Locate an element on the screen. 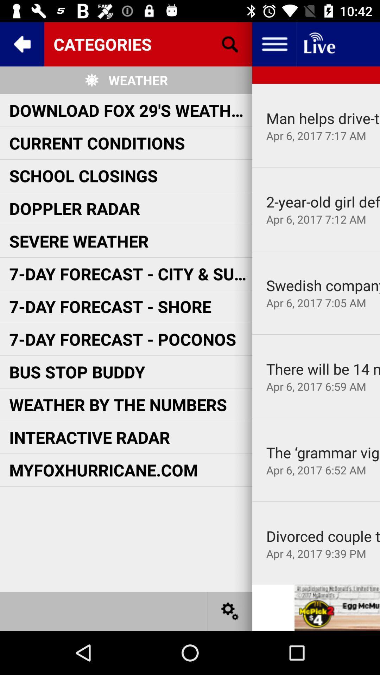 The image size is (380, 675). the icon above the 7 day forecast is located at coordinates (316, 251).